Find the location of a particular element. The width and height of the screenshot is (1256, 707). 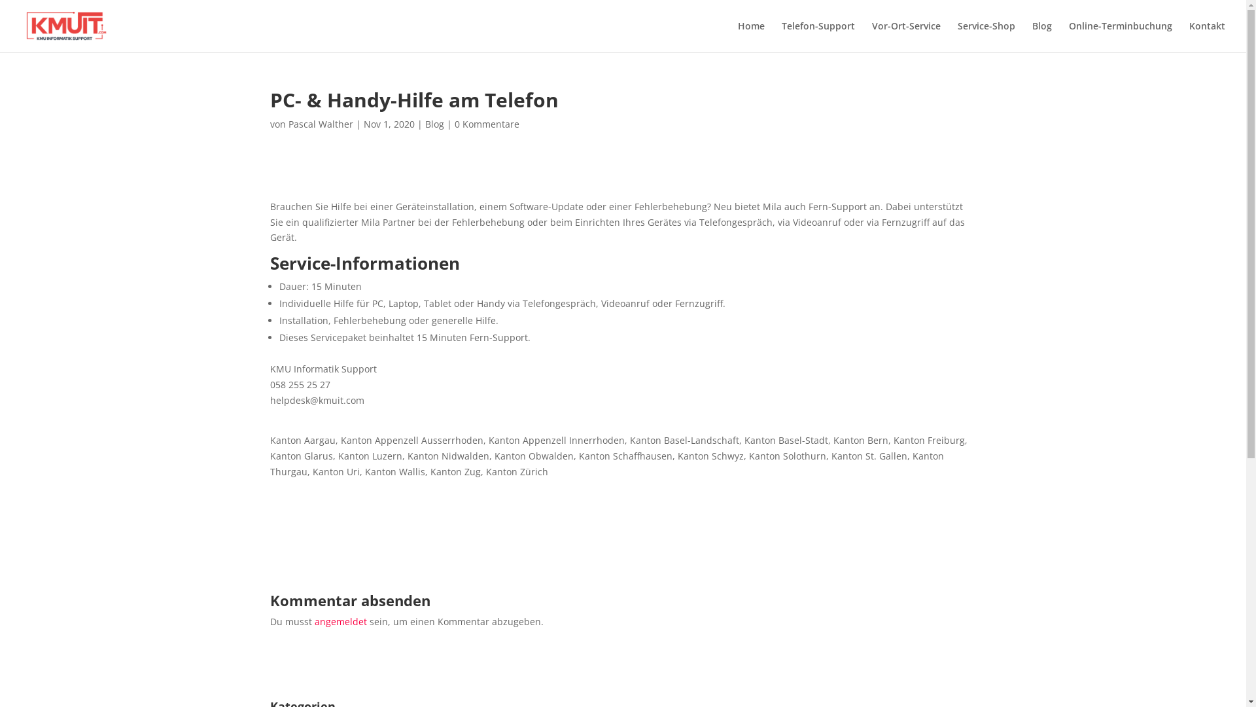

'Kontakt' is located at coordinates (1189, 36).